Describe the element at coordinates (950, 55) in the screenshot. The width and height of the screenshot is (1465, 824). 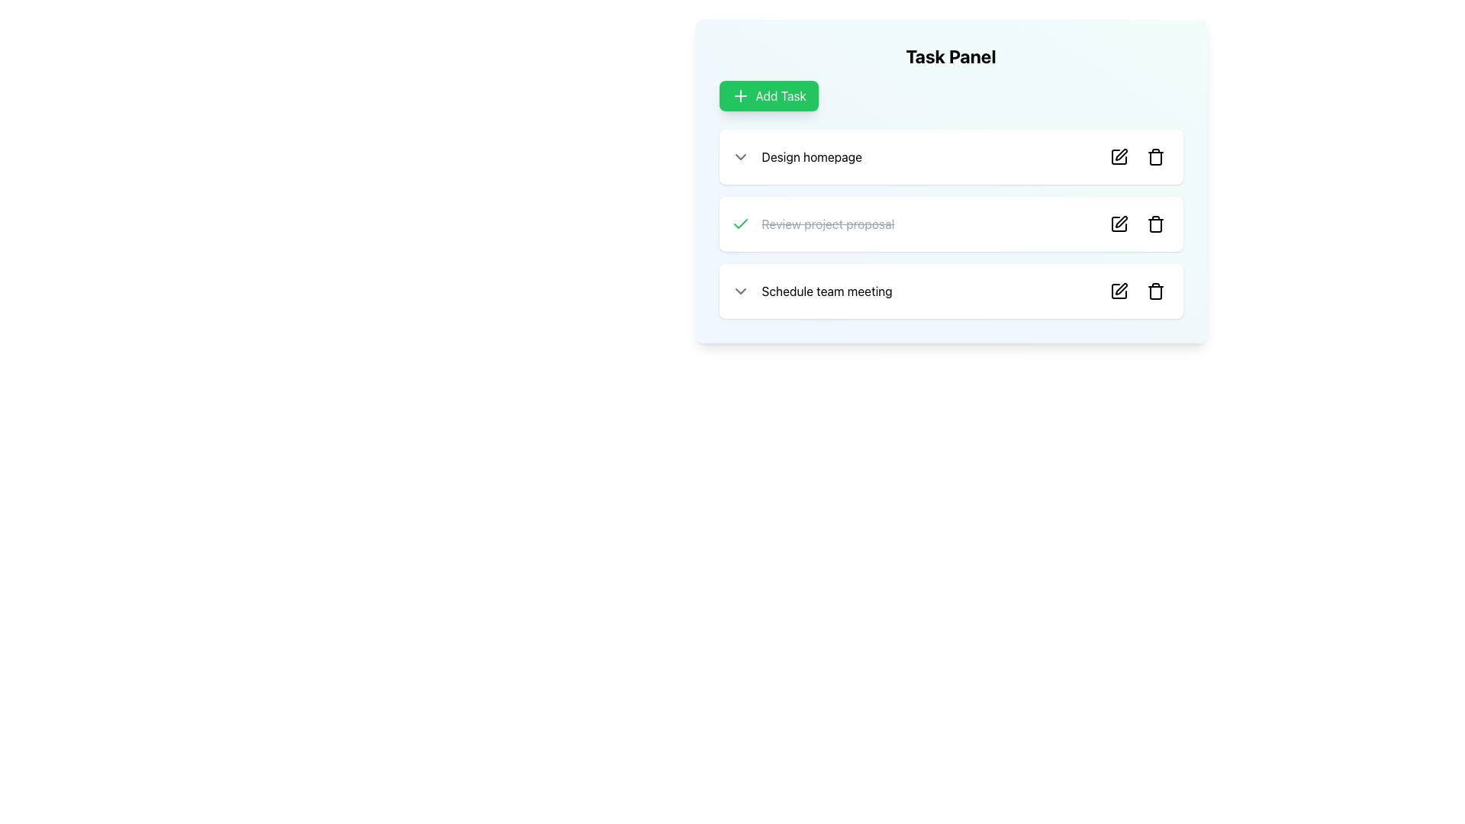
I see `the heading label at the top of the task panel, which indicates the content or purpose of the card` at that location.